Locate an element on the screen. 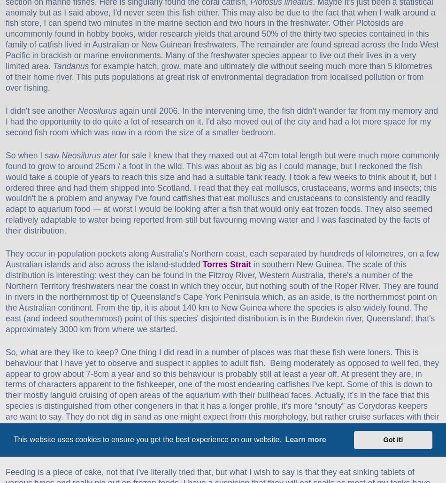 Image resolution: width=446 pixels, height=483 pixels. 'Got it!' is located at coordinates (392, 439).